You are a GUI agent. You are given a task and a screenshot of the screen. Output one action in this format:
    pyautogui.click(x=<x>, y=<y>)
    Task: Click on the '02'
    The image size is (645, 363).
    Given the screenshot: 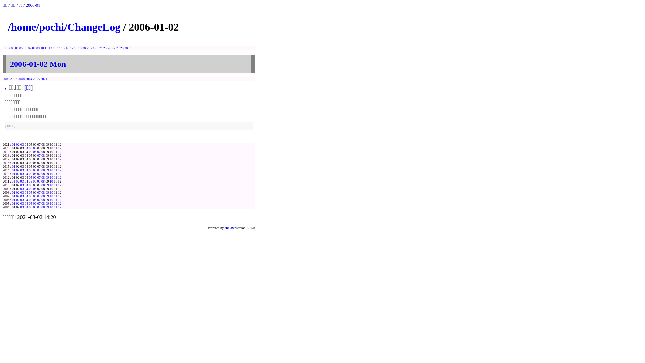 What is the action you would take?
    pyautogui.click(x=17, y=203)
    